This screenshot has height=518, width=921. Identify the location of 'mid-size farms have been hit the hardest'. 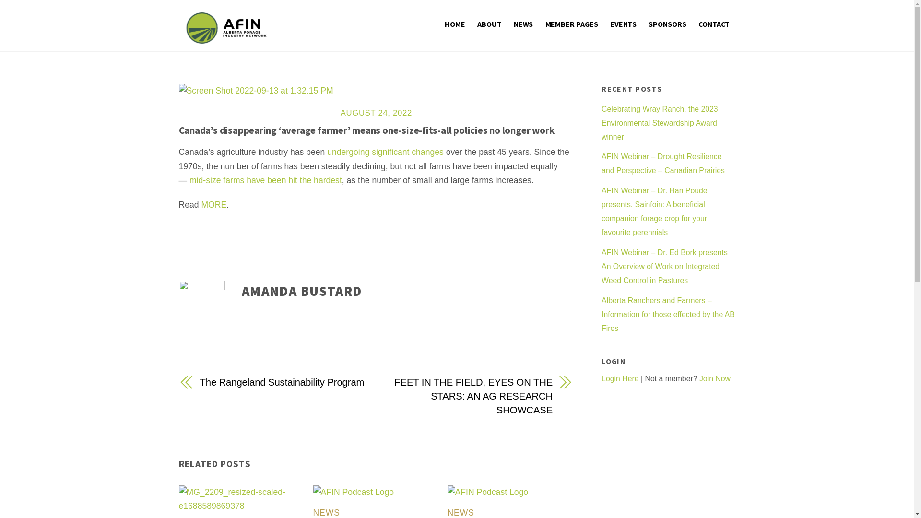
(265, 180).